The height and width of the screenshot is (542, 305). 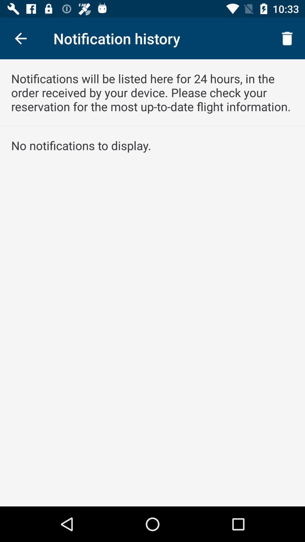 I want to click on item next to notification history item, so click(x=287, y=38).